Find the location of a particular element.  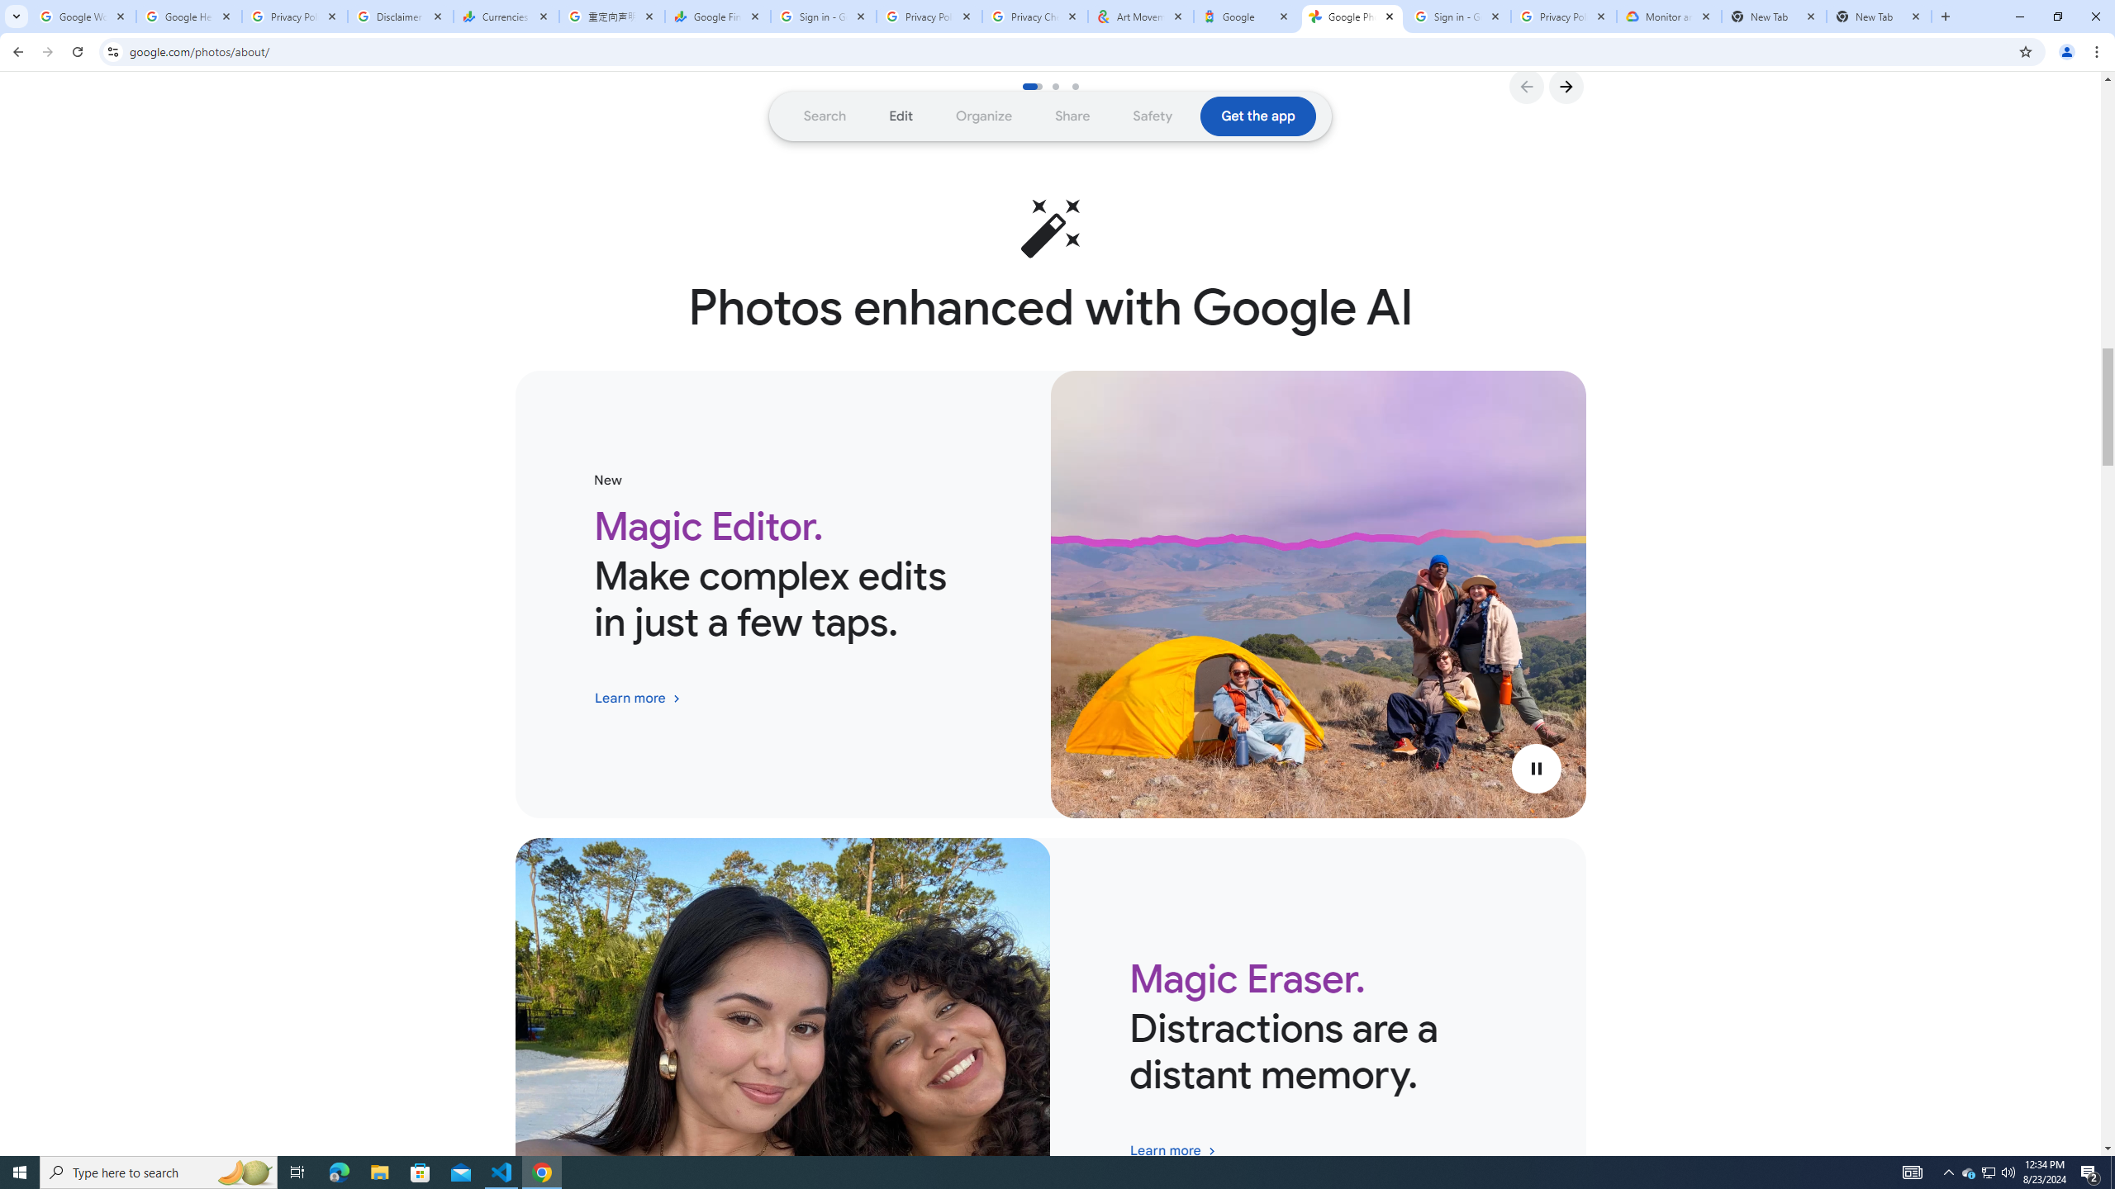

'Go to Previous Slide' is located at coordinates (1525, 86).